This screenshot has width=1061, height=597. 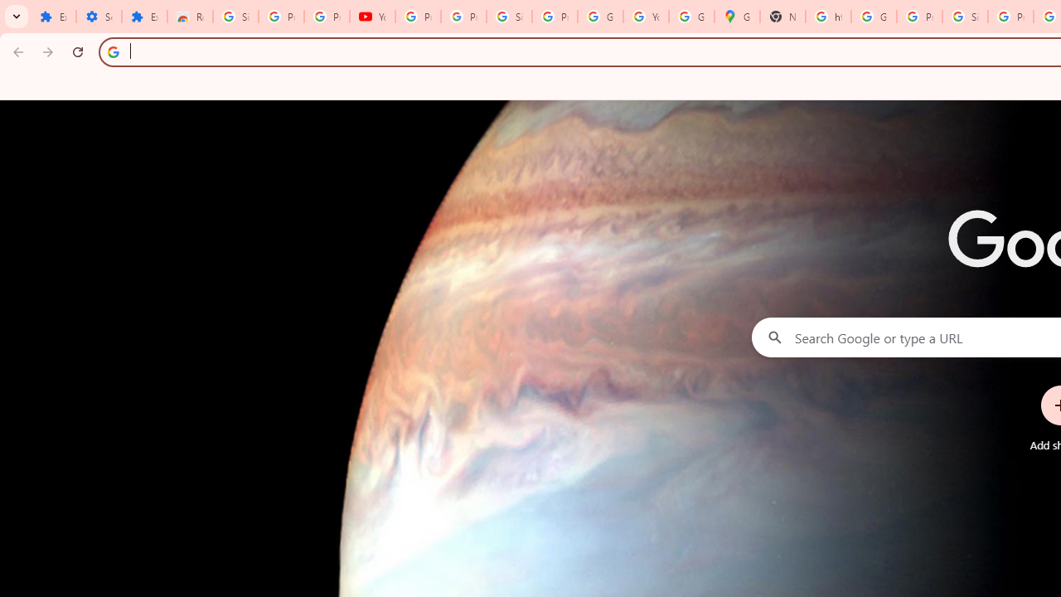 I want to click on 'Google Maps', so click(x=735, y=17).